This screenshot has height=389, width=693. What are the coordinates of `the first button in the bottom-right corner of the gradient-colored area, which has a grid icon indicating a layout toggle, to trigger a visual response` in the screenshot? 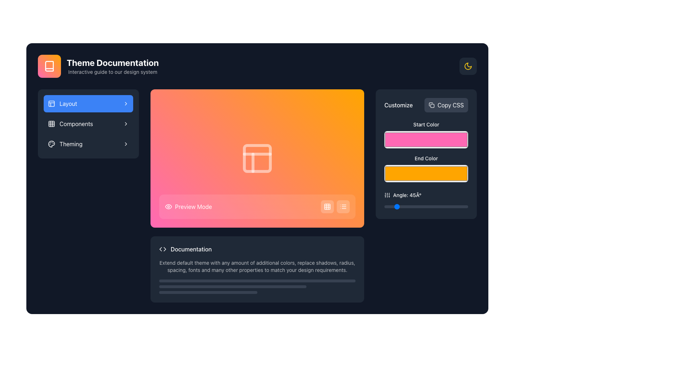 It's located at (327, 207).